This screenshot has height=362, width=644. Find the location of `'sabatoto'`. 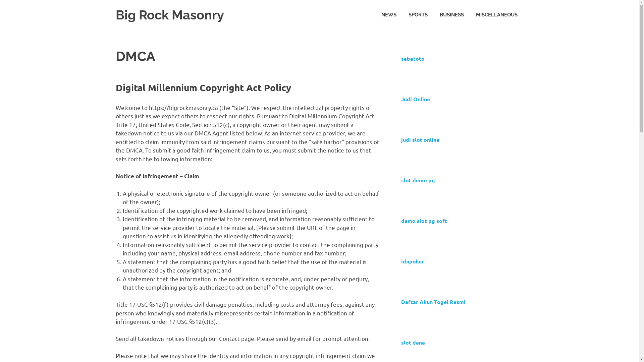

'sabatoto' is located at coordinates (412, 58).